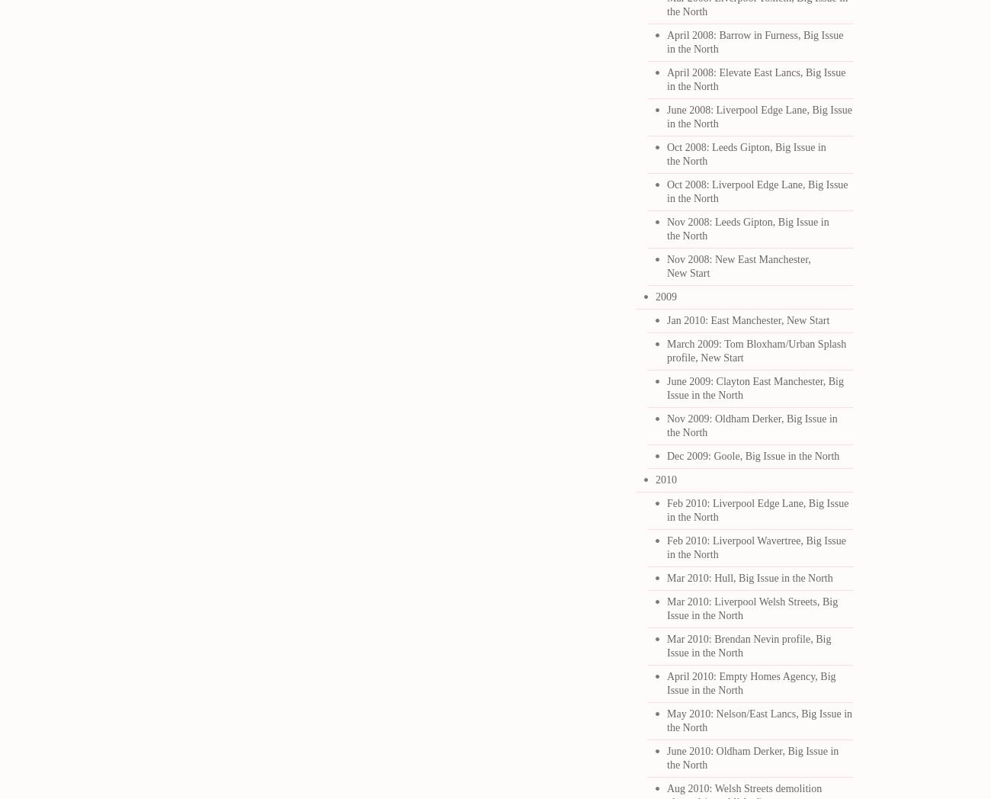  I want to click on 'Nov 2008: Leeds Gipton, Big Issue in the North', so click(666, 228).